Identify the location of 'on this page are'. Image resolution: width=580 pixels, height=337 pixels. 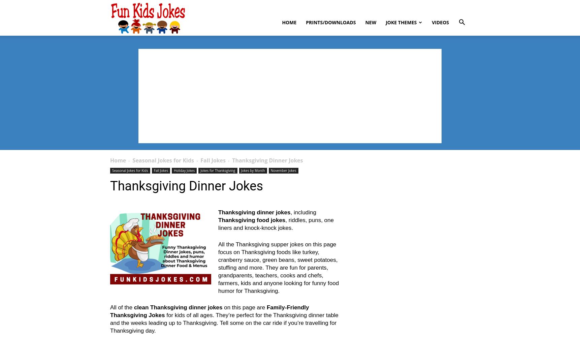
(244, 307).